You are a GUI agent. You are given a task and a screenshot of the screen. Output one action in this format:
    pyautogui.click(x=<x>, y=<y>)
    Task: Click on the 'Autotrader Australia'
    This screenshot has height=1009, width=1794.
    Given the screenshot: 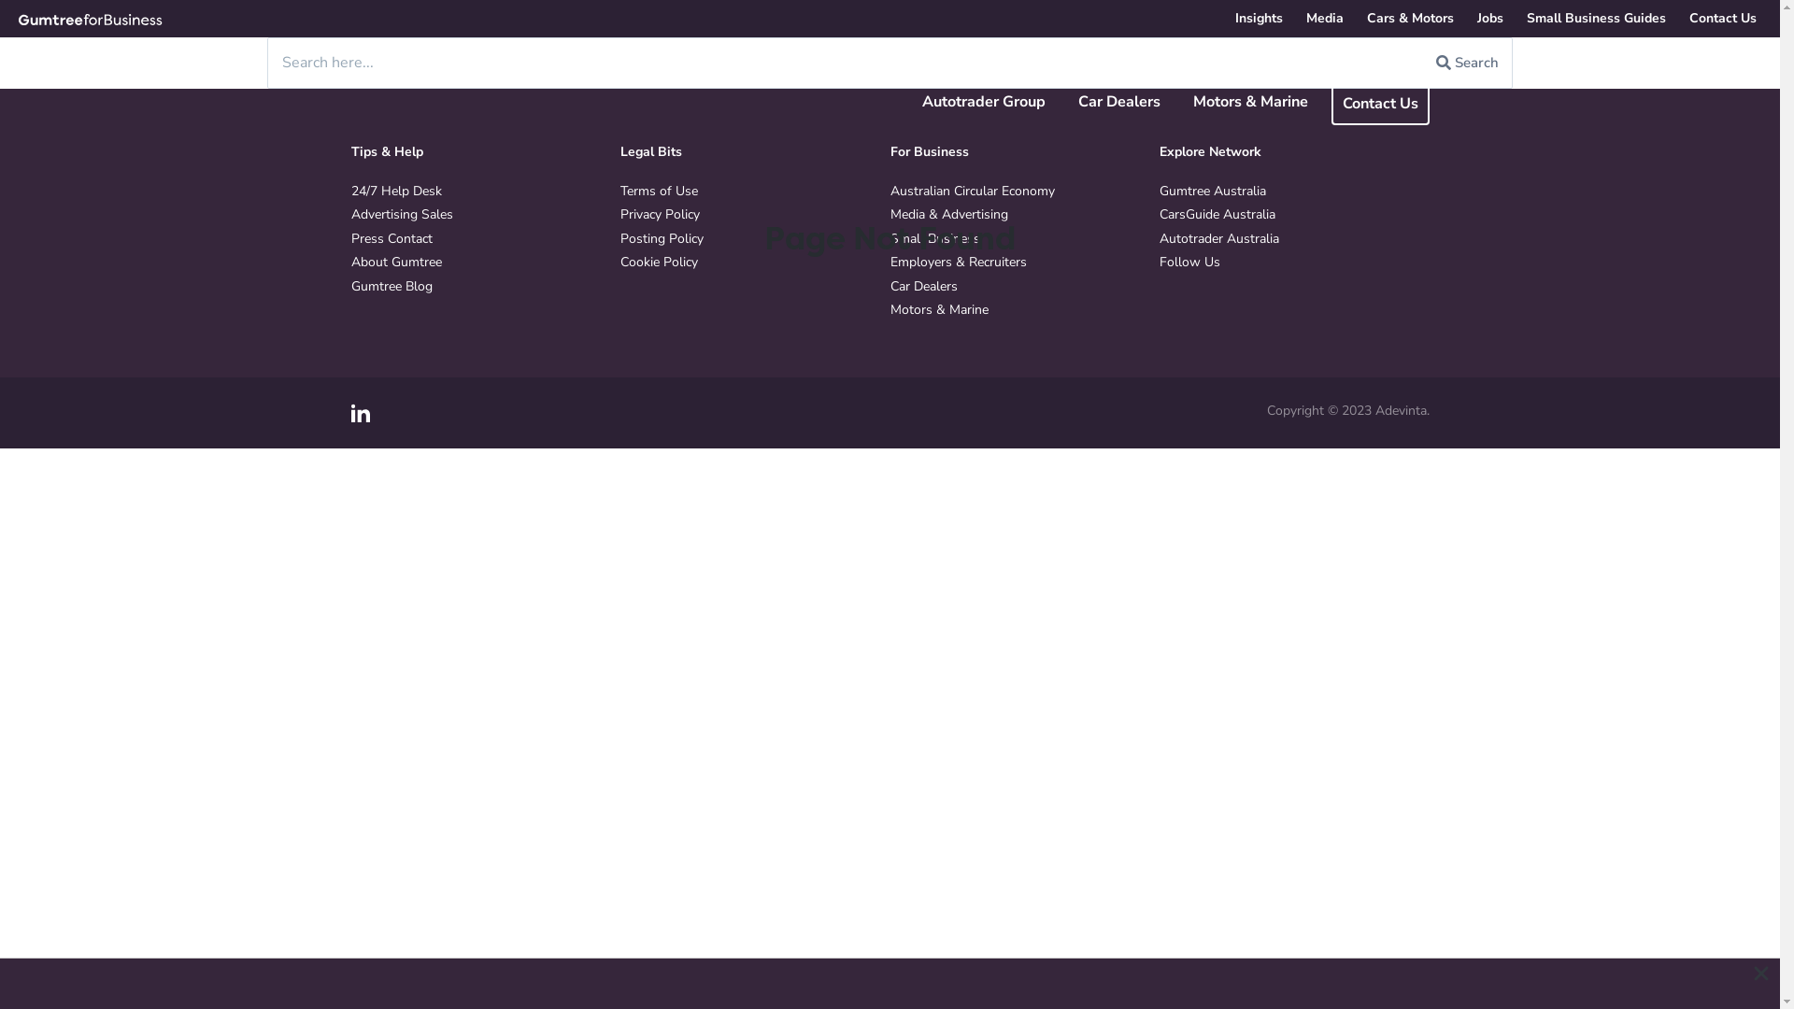 What is the action you would take?
    pyautogui.click(x=1219, y=237)
    